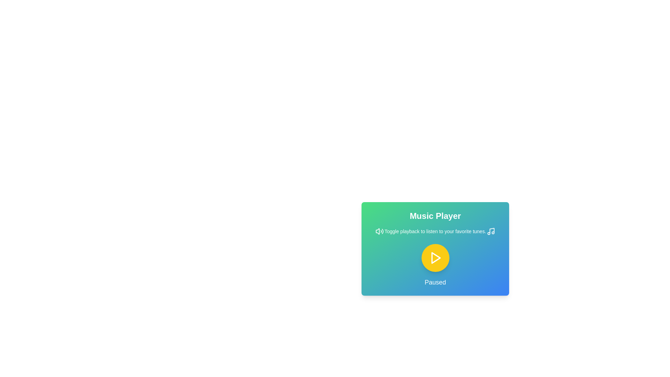 Image resolution: width=670 pixels, height=377 pixels. Describe the element at coordinates (377, 231) in the screenshot. I see `the central part of the volume icon, which is a vector graphic component within the speaker symbol in the music player UI` at that location.